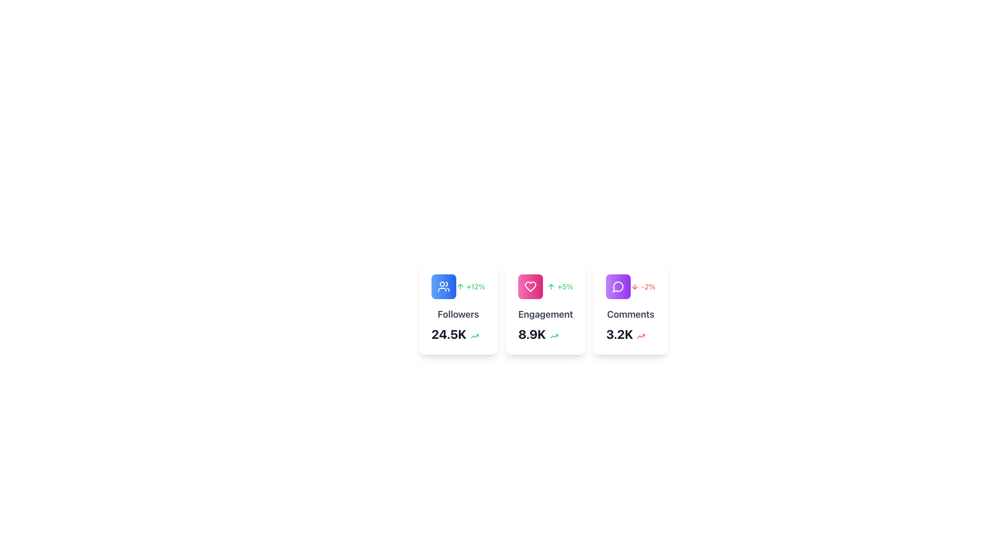 The image size is (991, 557). Describe the element at coordinates (551, 286) in the screenshot. I see `the positive trend icon located to the left of the '+5%' text within the 'Engagement' card, which indicates an increase` at that location.